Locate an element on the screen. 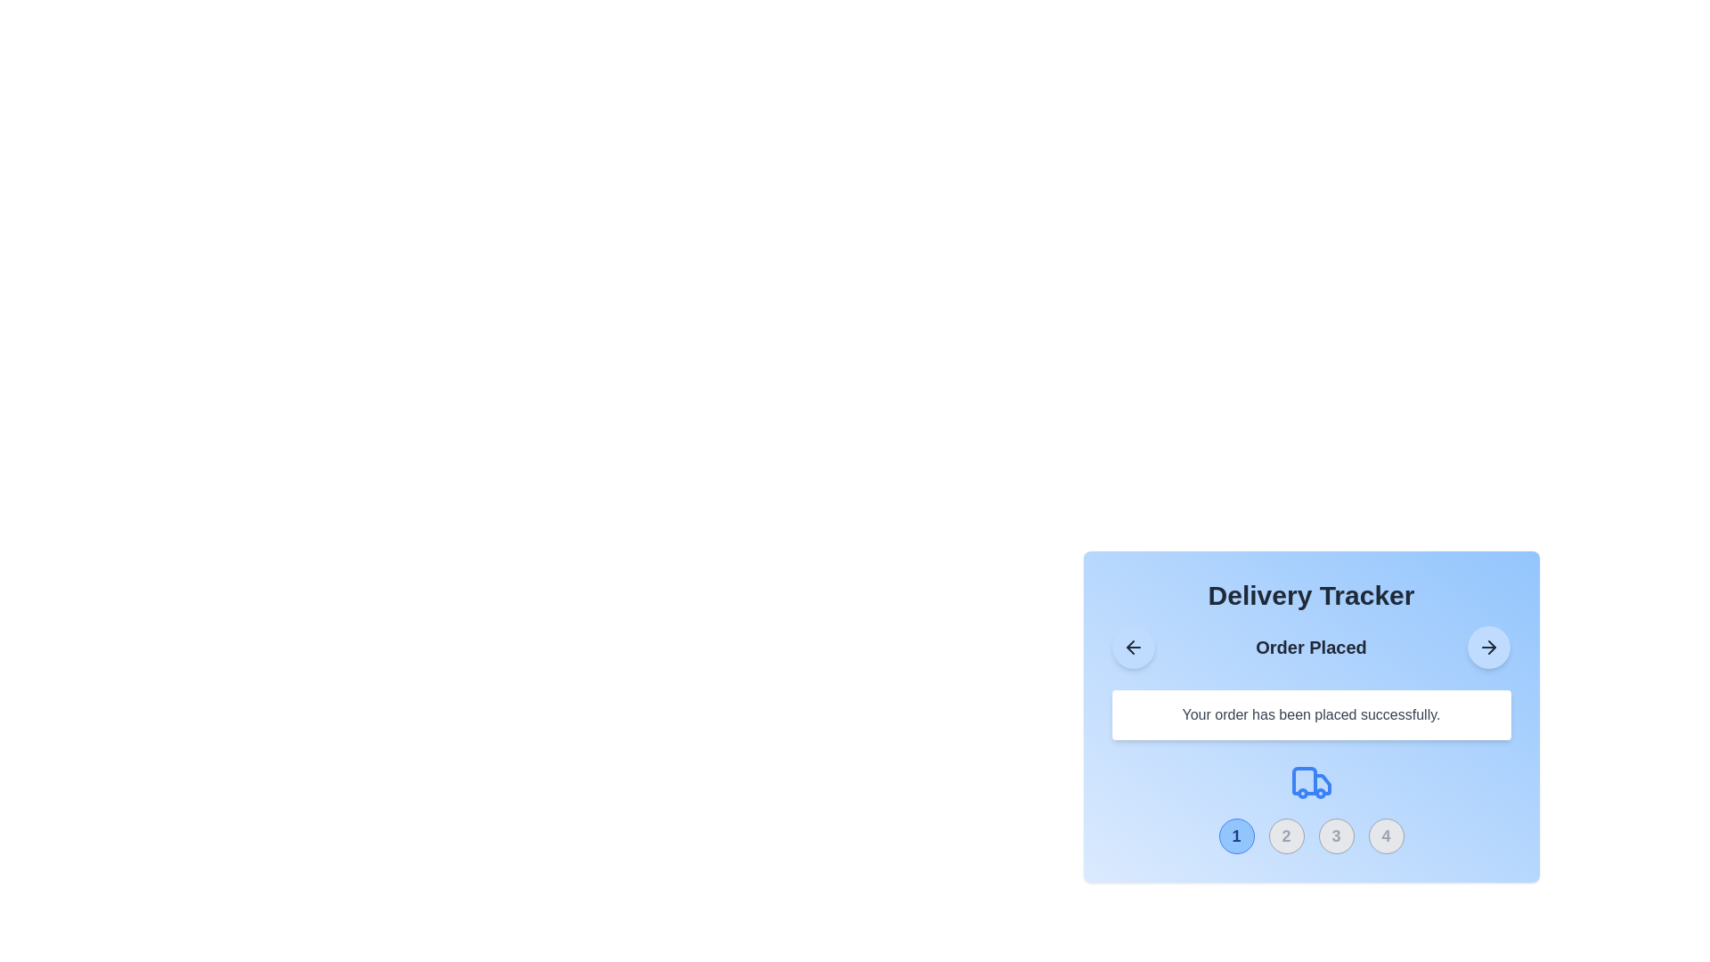 The width and height of the screenshot is (1710, 962). the circular button labeled '2' with a light gray background and gray border, located in the bottom center of the main interface card is located at coordinates (1286, 836).